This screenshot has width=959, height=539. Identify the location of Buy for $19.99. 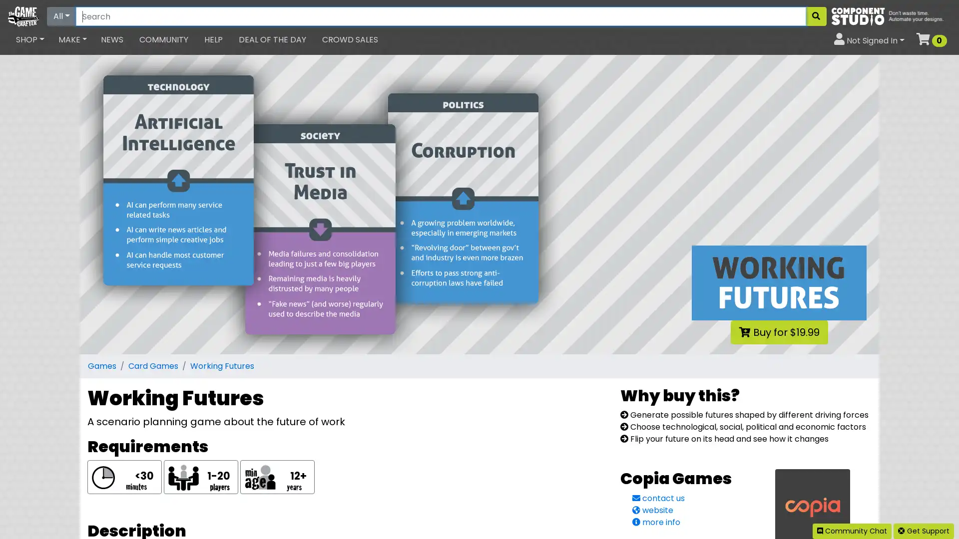
(778, 332).